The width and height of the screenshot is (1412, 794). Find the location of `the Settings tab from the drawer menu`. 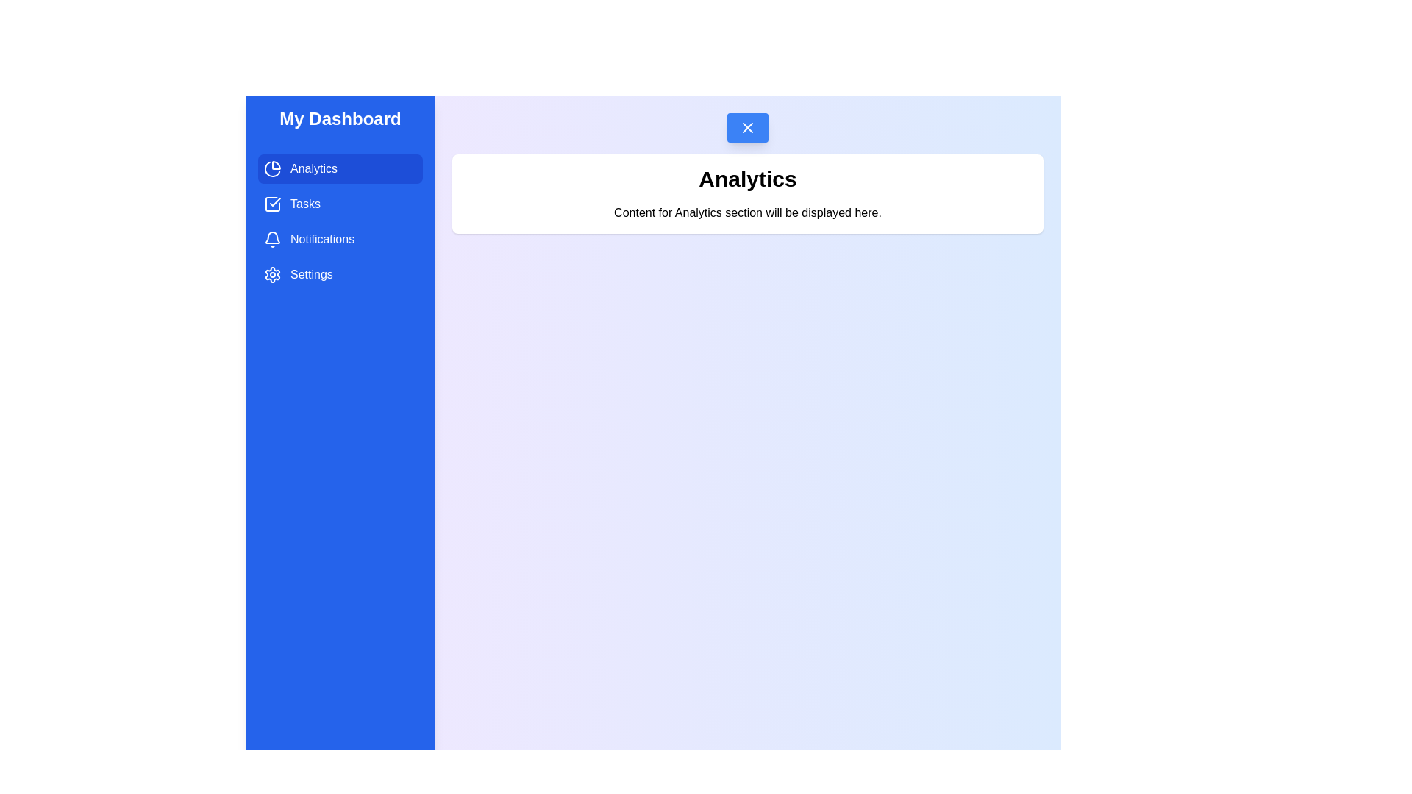

the Settings tab from the drawer menu is located at coordinates (339, 275).